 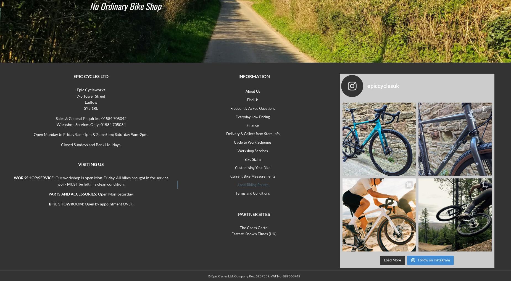 What do you see at coordinates (253, 184) in the screenshot?
I see `'Local Riding Routes'` at bounding box center [253, 184].